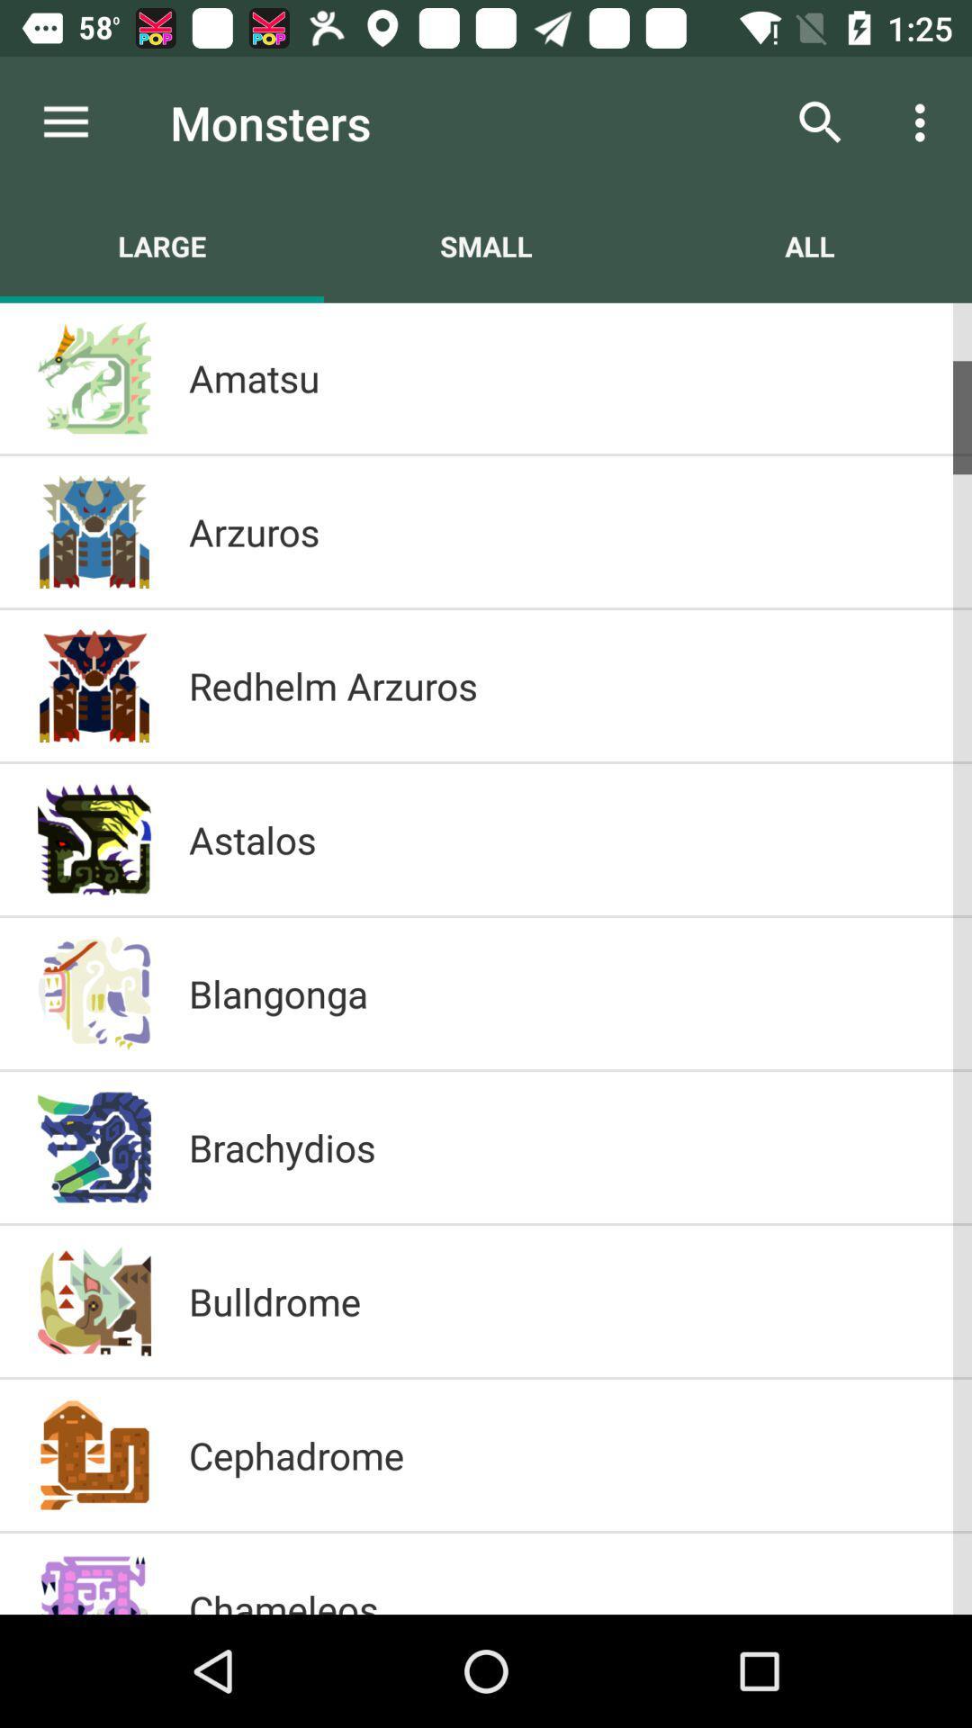 The image size is (972, 1728). What do you see at coordinates (486, 245) in the screenshot?
I see `the icon to the left of all icon` at bounding box center [486, 245].